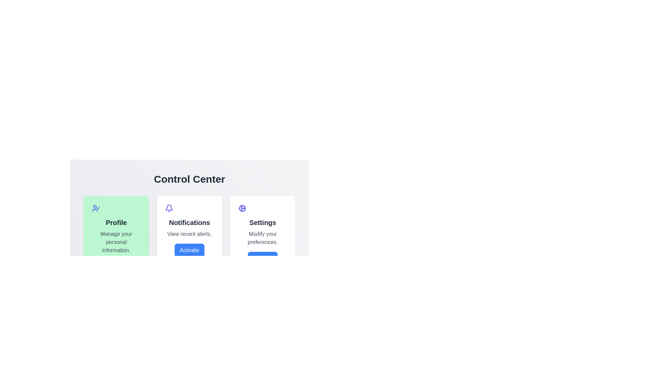 Image resolution: width=651 pixels, height=366 pixels. What do you see at coordinates (189, 233) in the screenshot?
I see `the static text label 'View recent alerts.' which is located within the 'Notifications' card section, positioned below the title and above the 'Activate' button` at bounding box center [189, 233].